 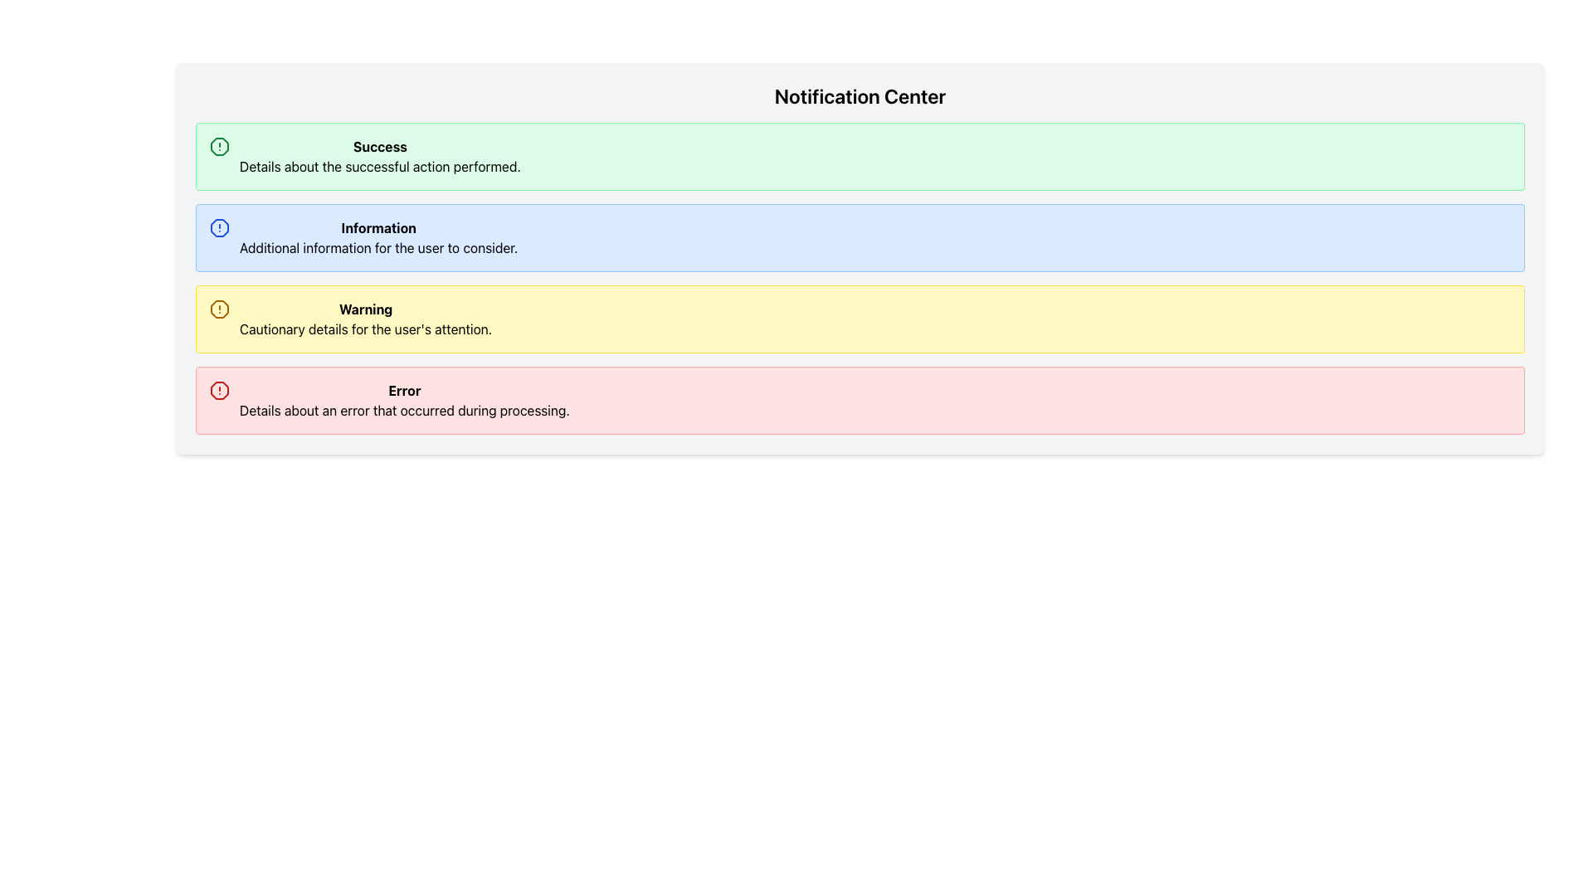 What do you see at coordinates (860, 237) in the screenshot?
I see `informational message from the Notification panel, which is the second item in the stack of notifications` at bounding box center [860, 237].